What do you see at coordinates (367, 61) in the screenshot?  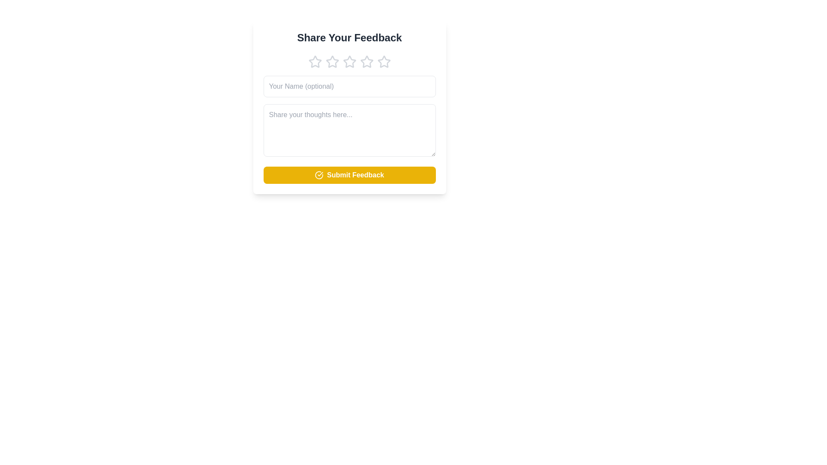 I see `keyboard navigation` at bounding box center [367, 61].